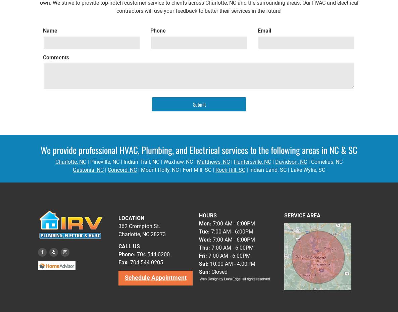  Describe the element at coordinates (208, 263) in the screenshot. I see `'10:00 AM - 4:00PM'` at that location.